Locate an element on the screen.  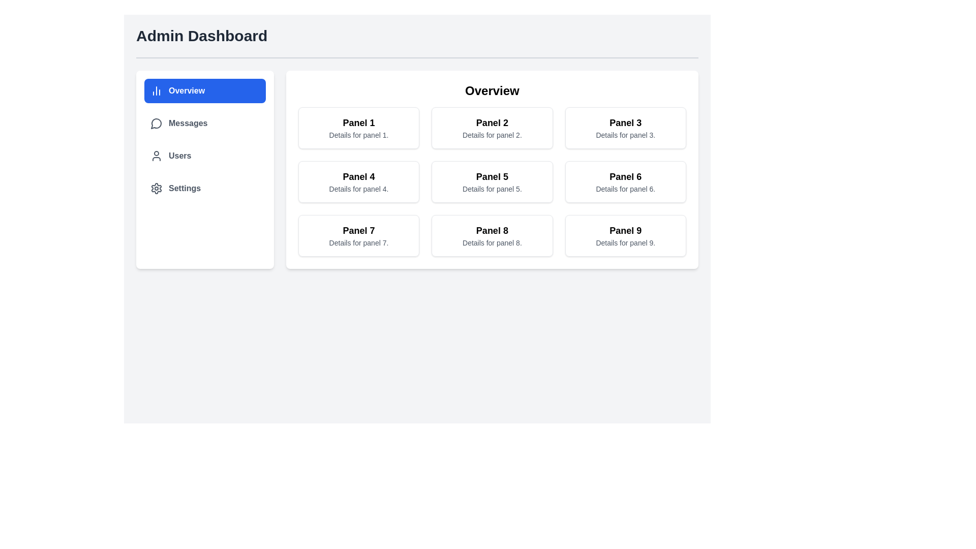
text content of the heading labeled 'Panel 7' which is located in the center column of the third row within the grid layout under the 'Overview' section is located at coordinates (358, 231).